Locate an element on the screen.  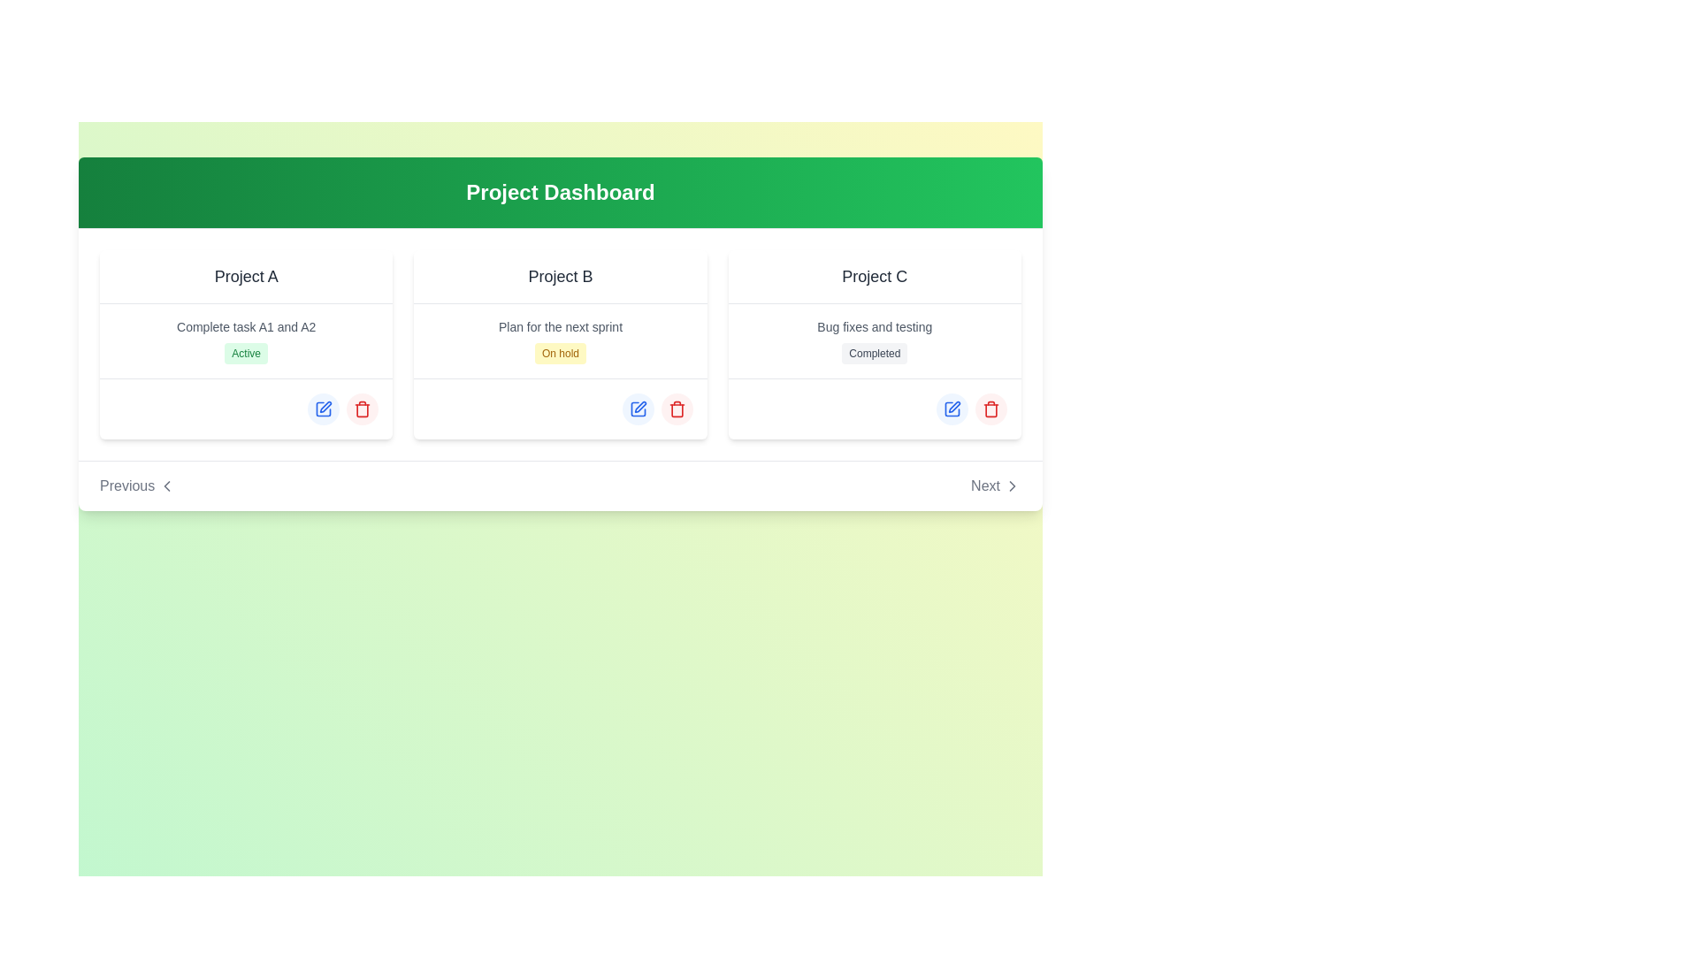
the edit button located in the bottom-right corner of the 'Project C' card, to the left of the red trashcan icon is located at coordinates (951, 409).